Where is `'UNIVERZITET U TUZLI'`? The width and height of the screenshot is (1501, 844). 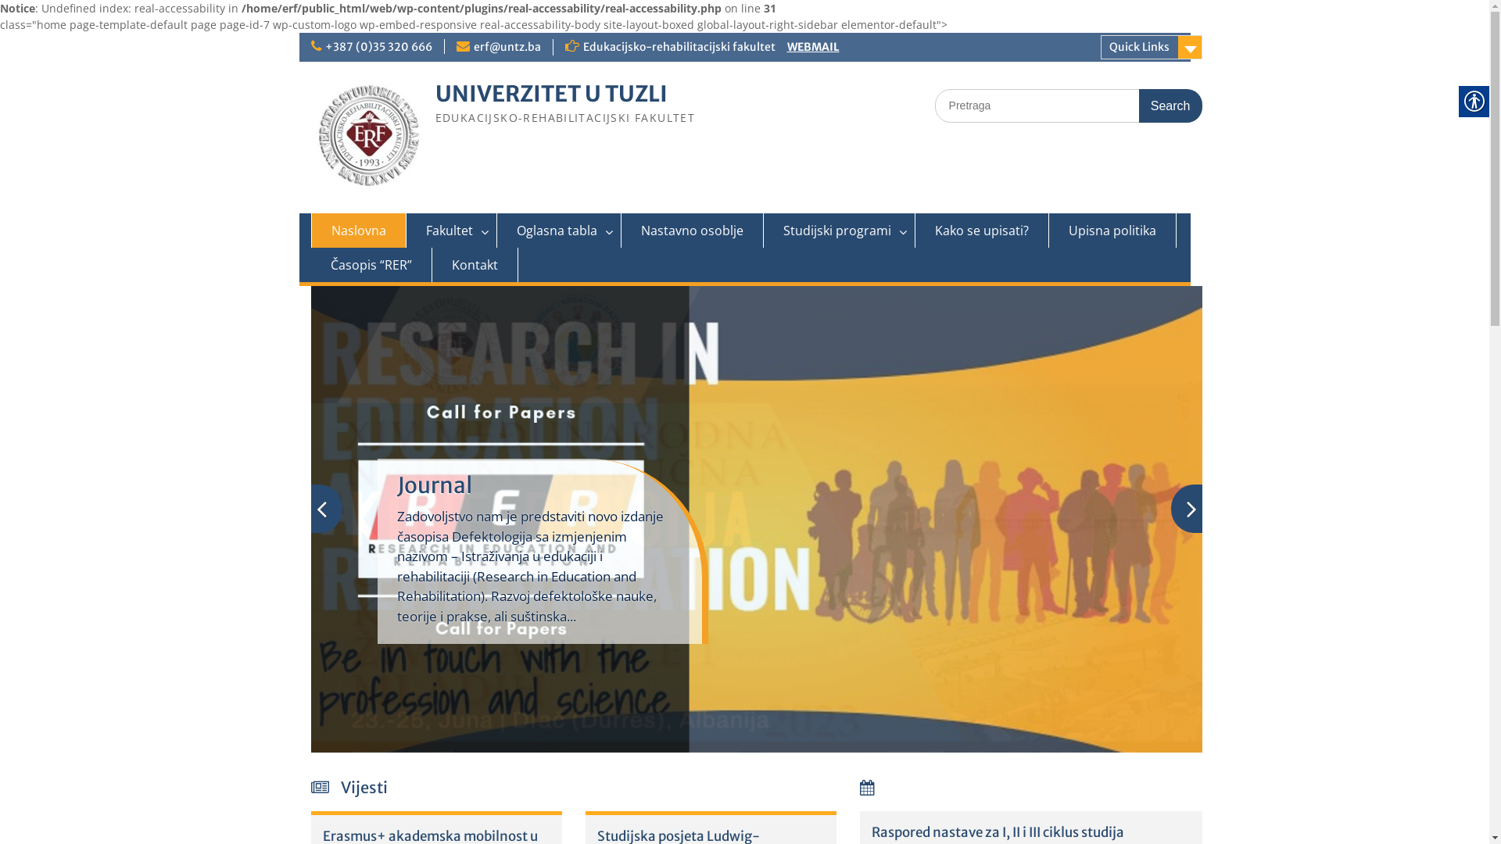 'UNIVERZITET U TUZLI' is located at coordinates (550, 93).